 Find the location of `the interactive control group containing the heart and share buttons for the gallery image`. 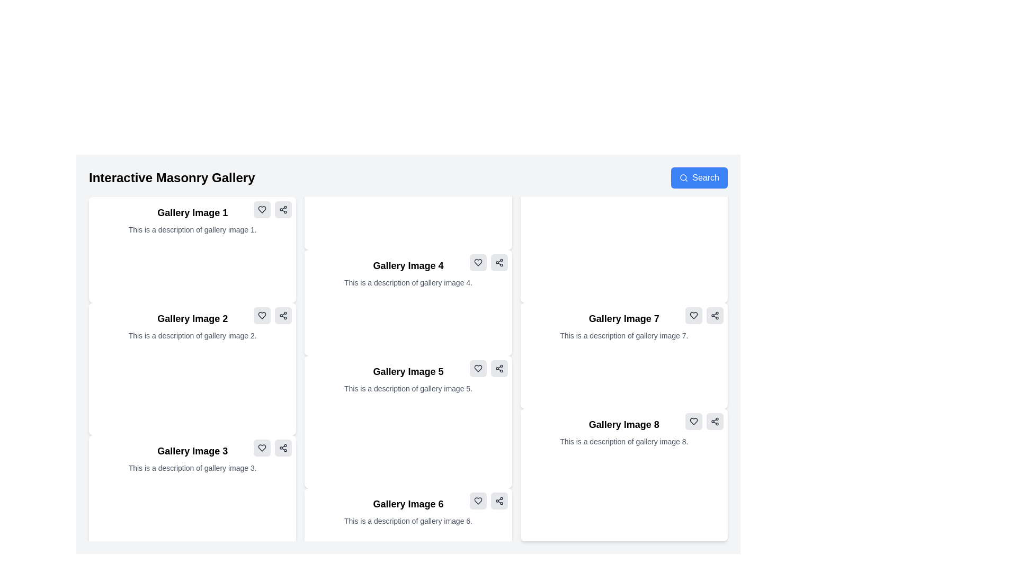

the interactive control group containing the heart and share buttons for the gallery image is located at coordinates (488, 368).